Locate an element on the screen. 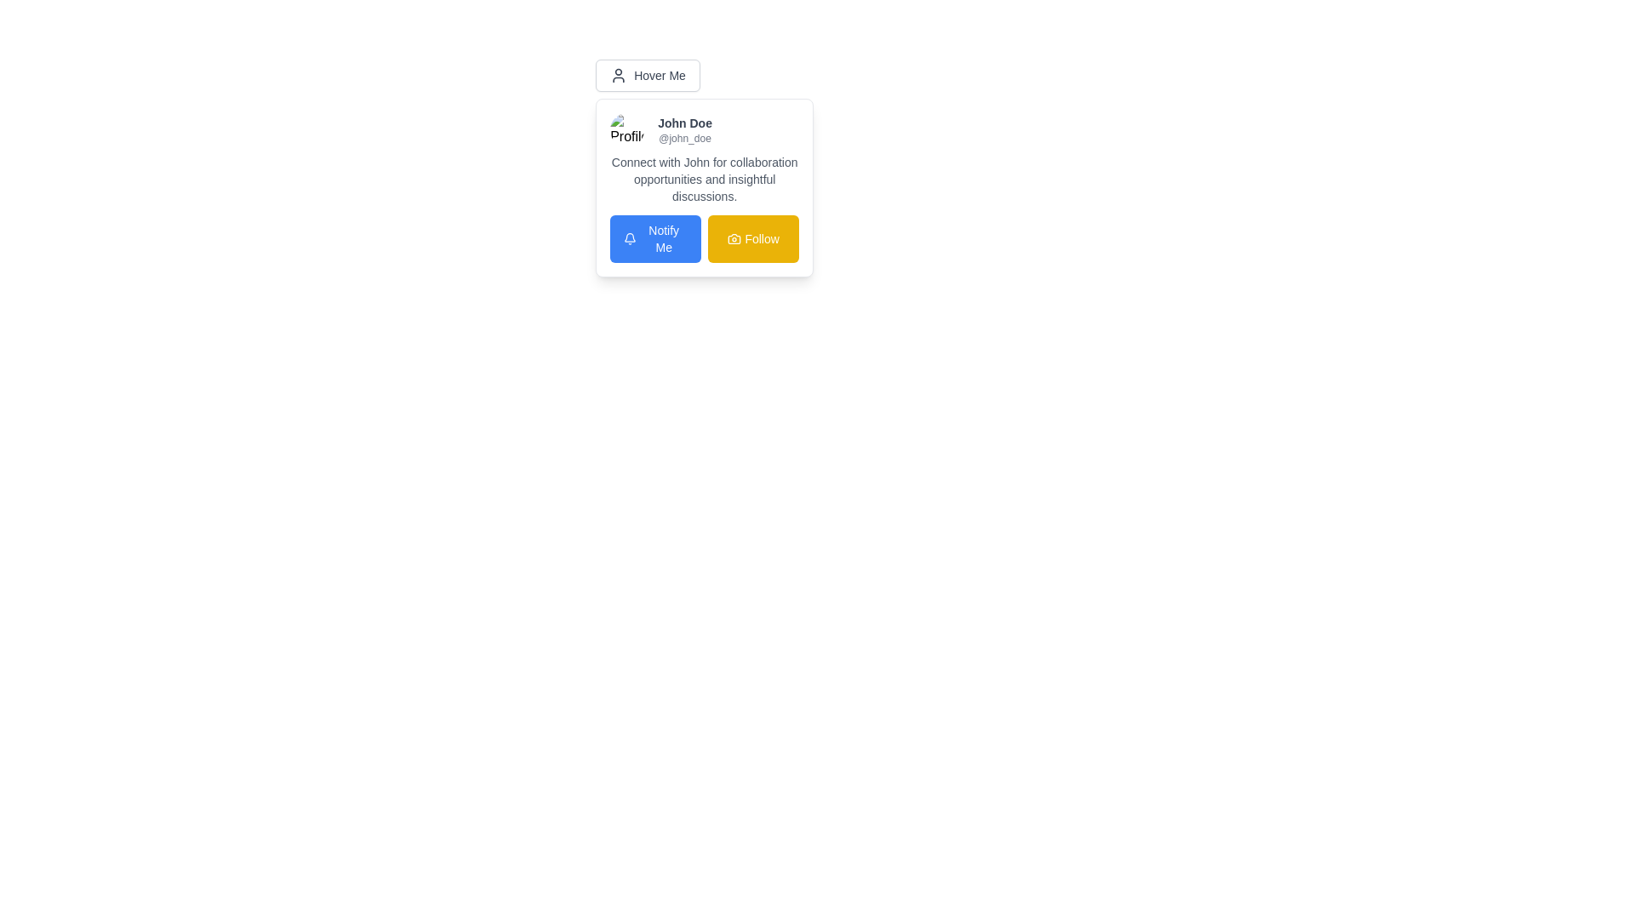 The image size is (1634, 919). the text display showing the username or handle of the individual, located directly below 'John Doe' in the profile card is located at coordinates (685, 137).